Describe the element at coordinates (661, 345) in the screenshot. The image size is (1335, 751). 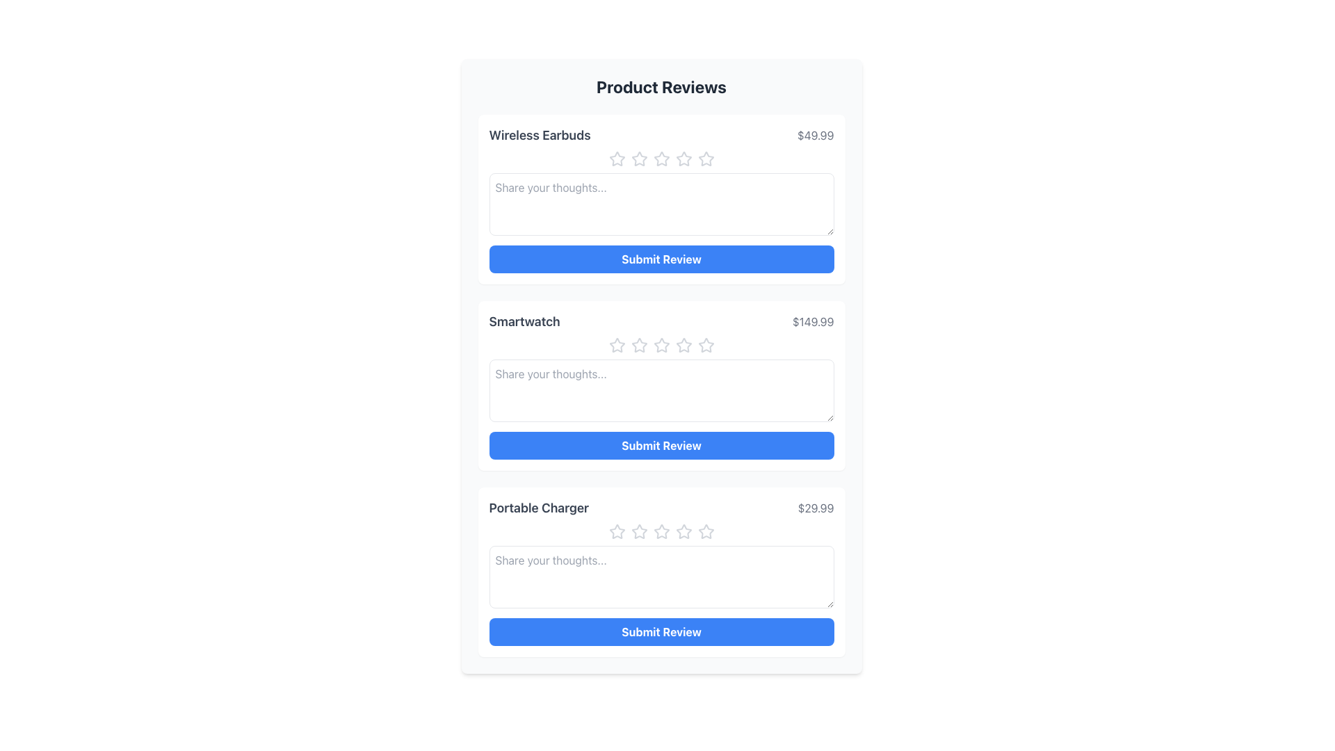
I see `the third star-shaped rating icon in the 'Smartwatch' review card to rate it` at that location.